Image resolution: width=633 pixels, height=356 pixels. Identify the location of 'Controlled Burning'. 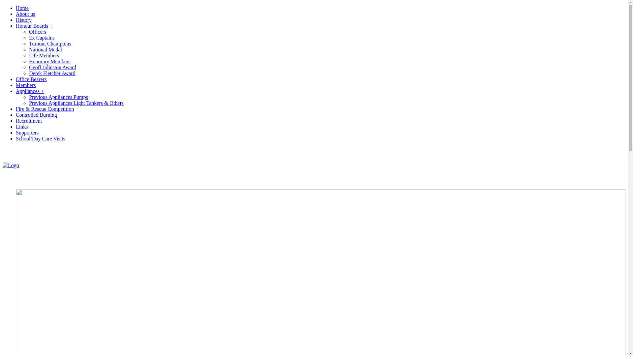
(36, 114).